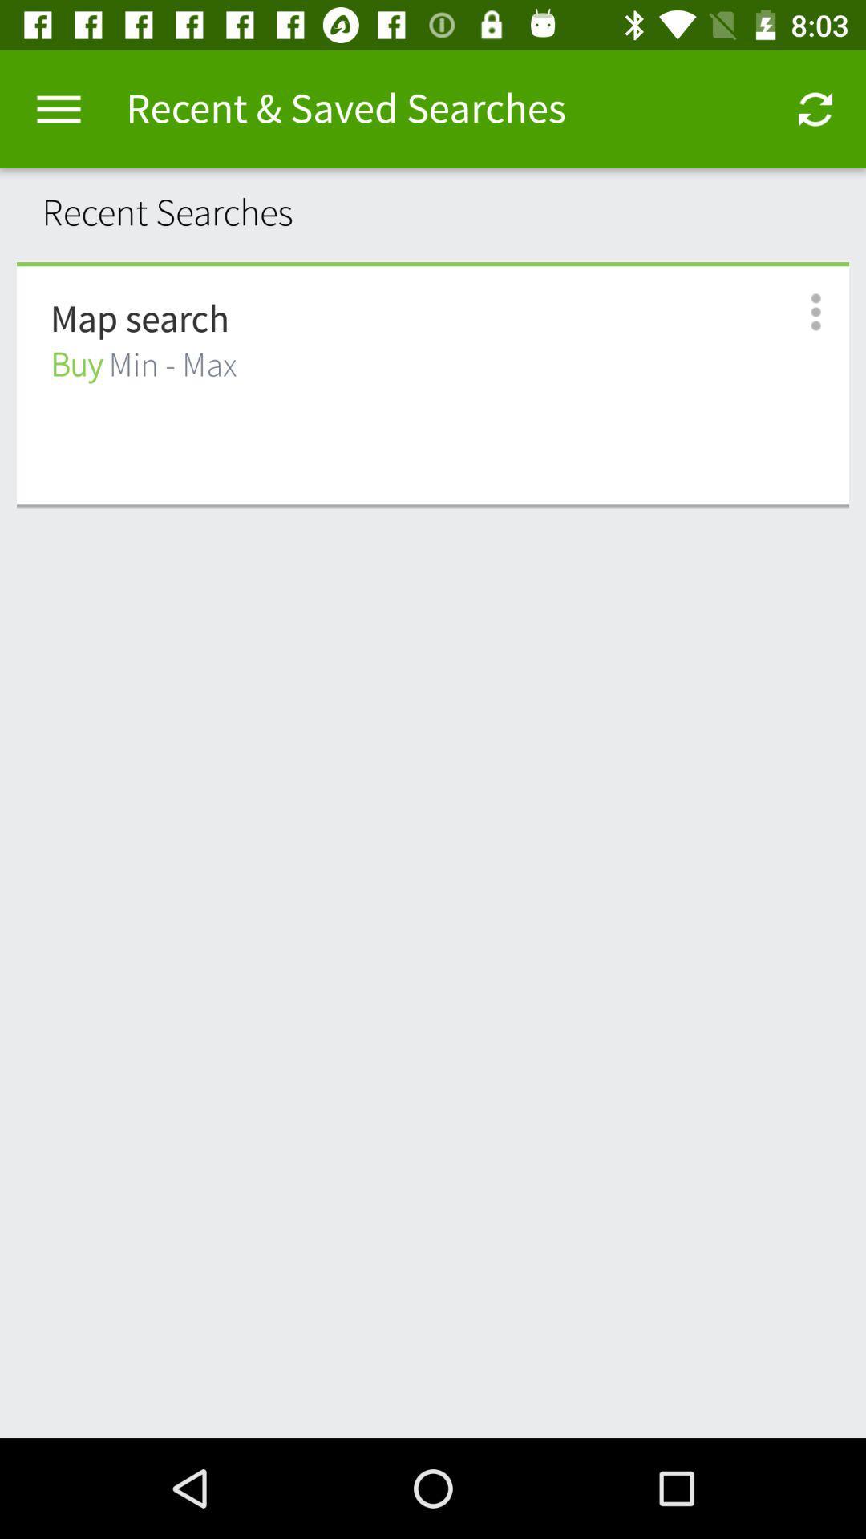  Describe the element at coordinates (58, 108) in the screenshot. I see `item next to the recent & saved searches item` at that location.